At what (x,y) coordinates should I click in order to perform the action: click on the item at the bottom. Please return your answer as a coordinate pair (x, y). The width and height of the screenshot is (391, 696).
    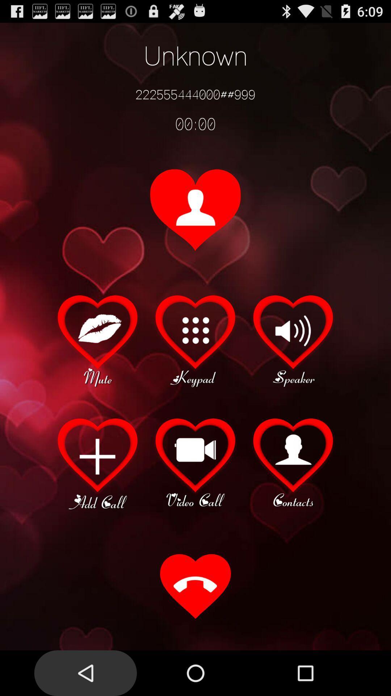
    Looking at the image, I should click on (195, 587).